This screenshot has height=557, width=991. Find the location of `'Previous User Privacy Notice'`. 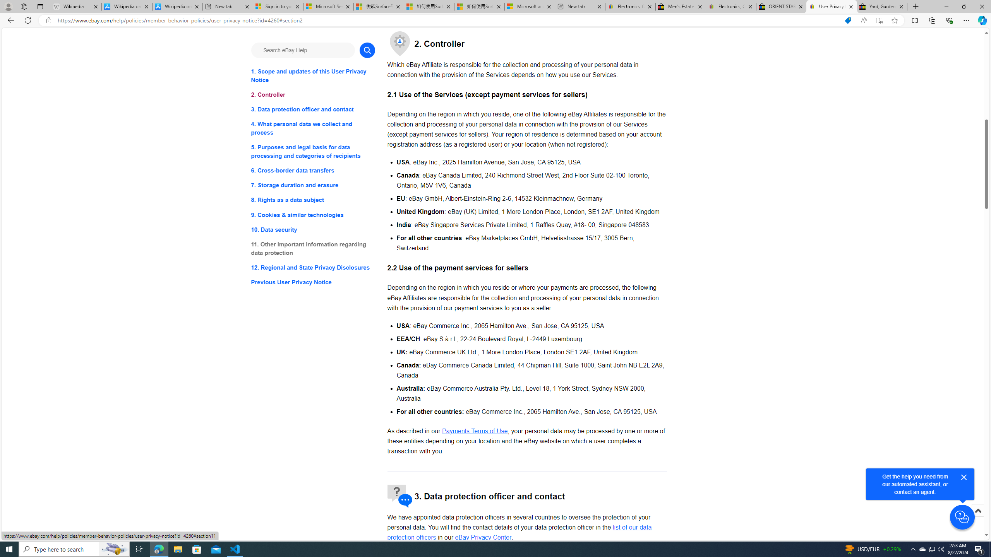

'Previous User Privacy Notice' is located at coordinates (312, 282).